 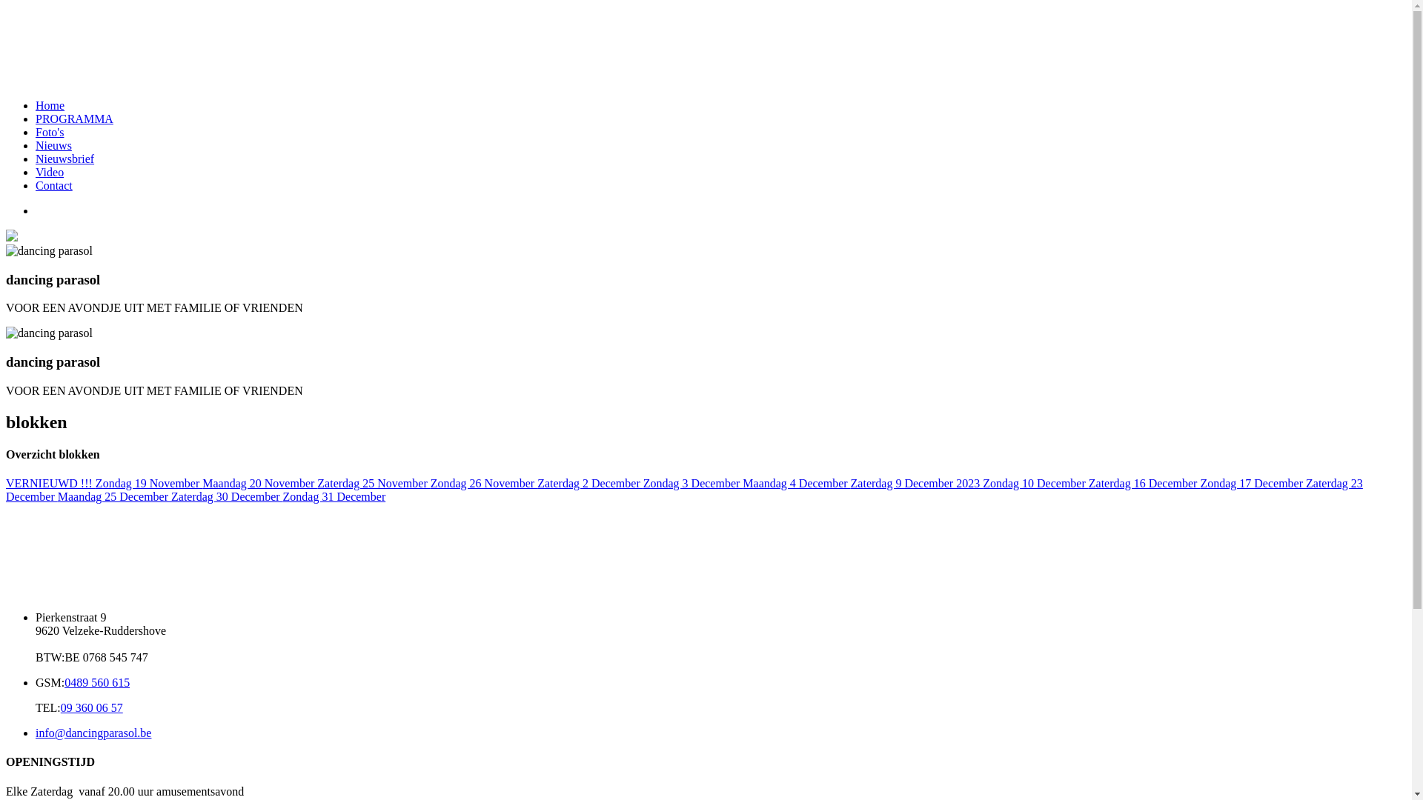 I want to click on 'Contact', so click(x=53, y=184).